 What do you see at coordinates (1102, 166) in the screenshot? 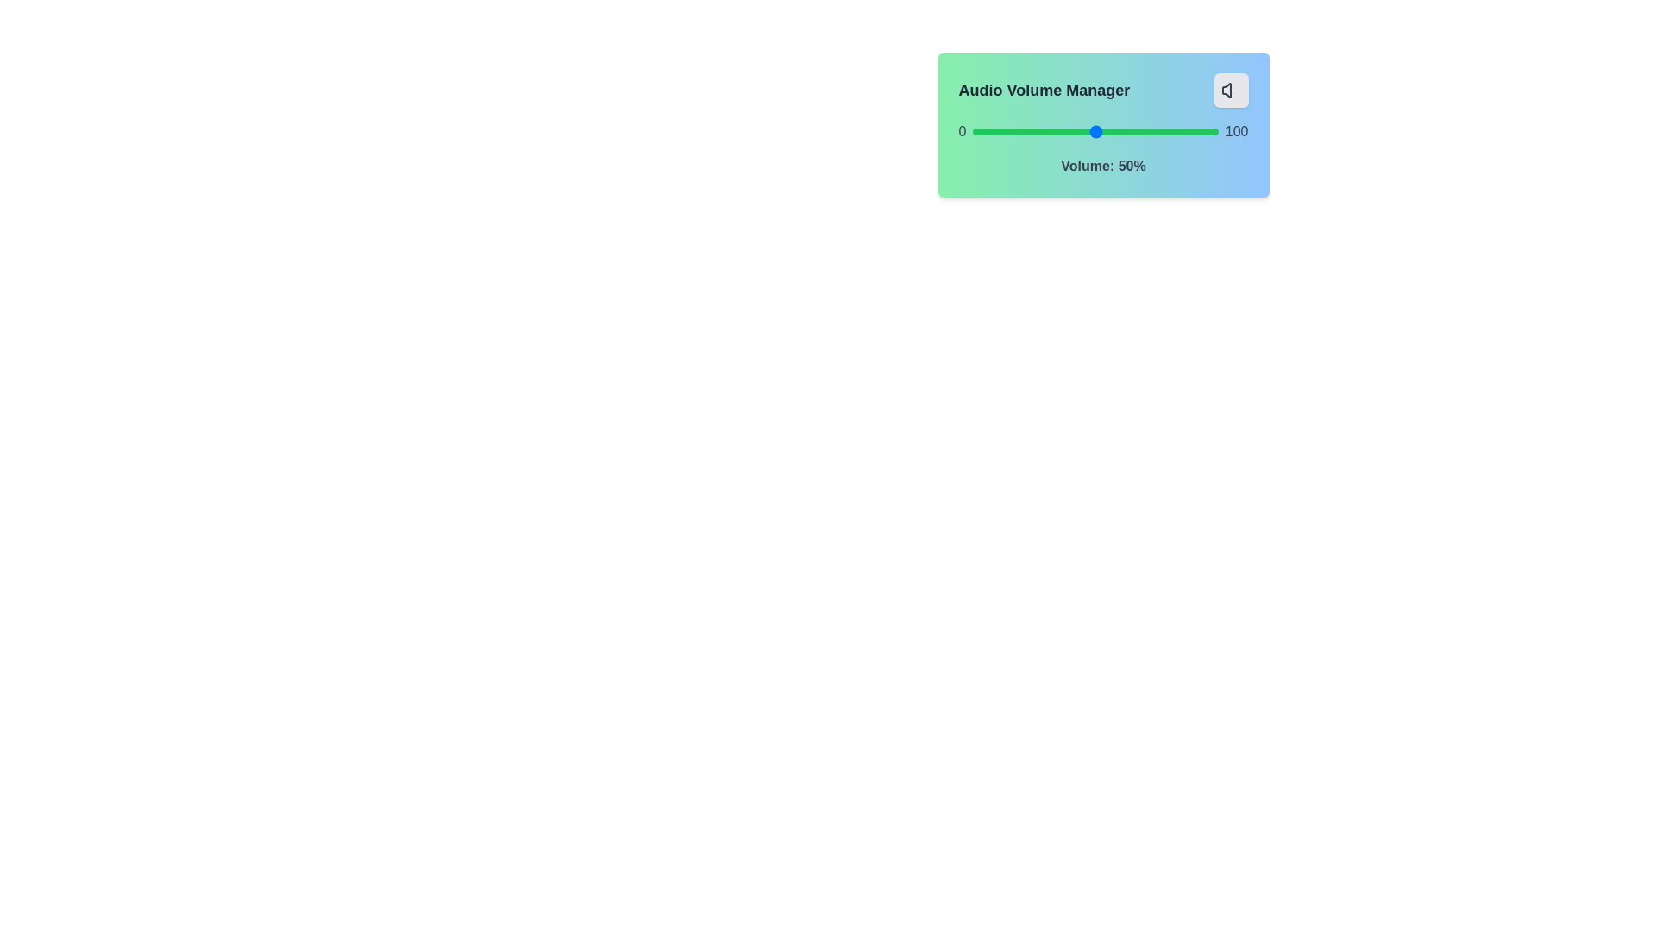
I see `the centered text block displaying 'Volume: 50%' which is styled in bold medium-gray against a gradient background` at bounding box center [1102, 166].